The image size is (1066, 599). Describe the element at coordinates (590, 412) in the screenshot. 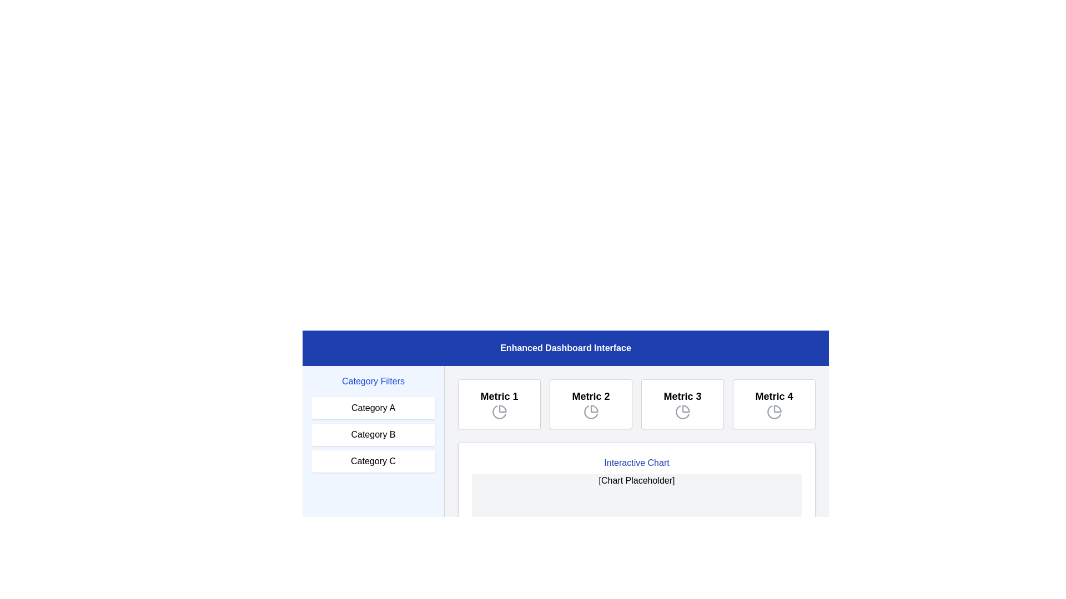

I see `the pie chart icon styled in gray within the card labeled 'Metric 2' on the dashboard` at that location.